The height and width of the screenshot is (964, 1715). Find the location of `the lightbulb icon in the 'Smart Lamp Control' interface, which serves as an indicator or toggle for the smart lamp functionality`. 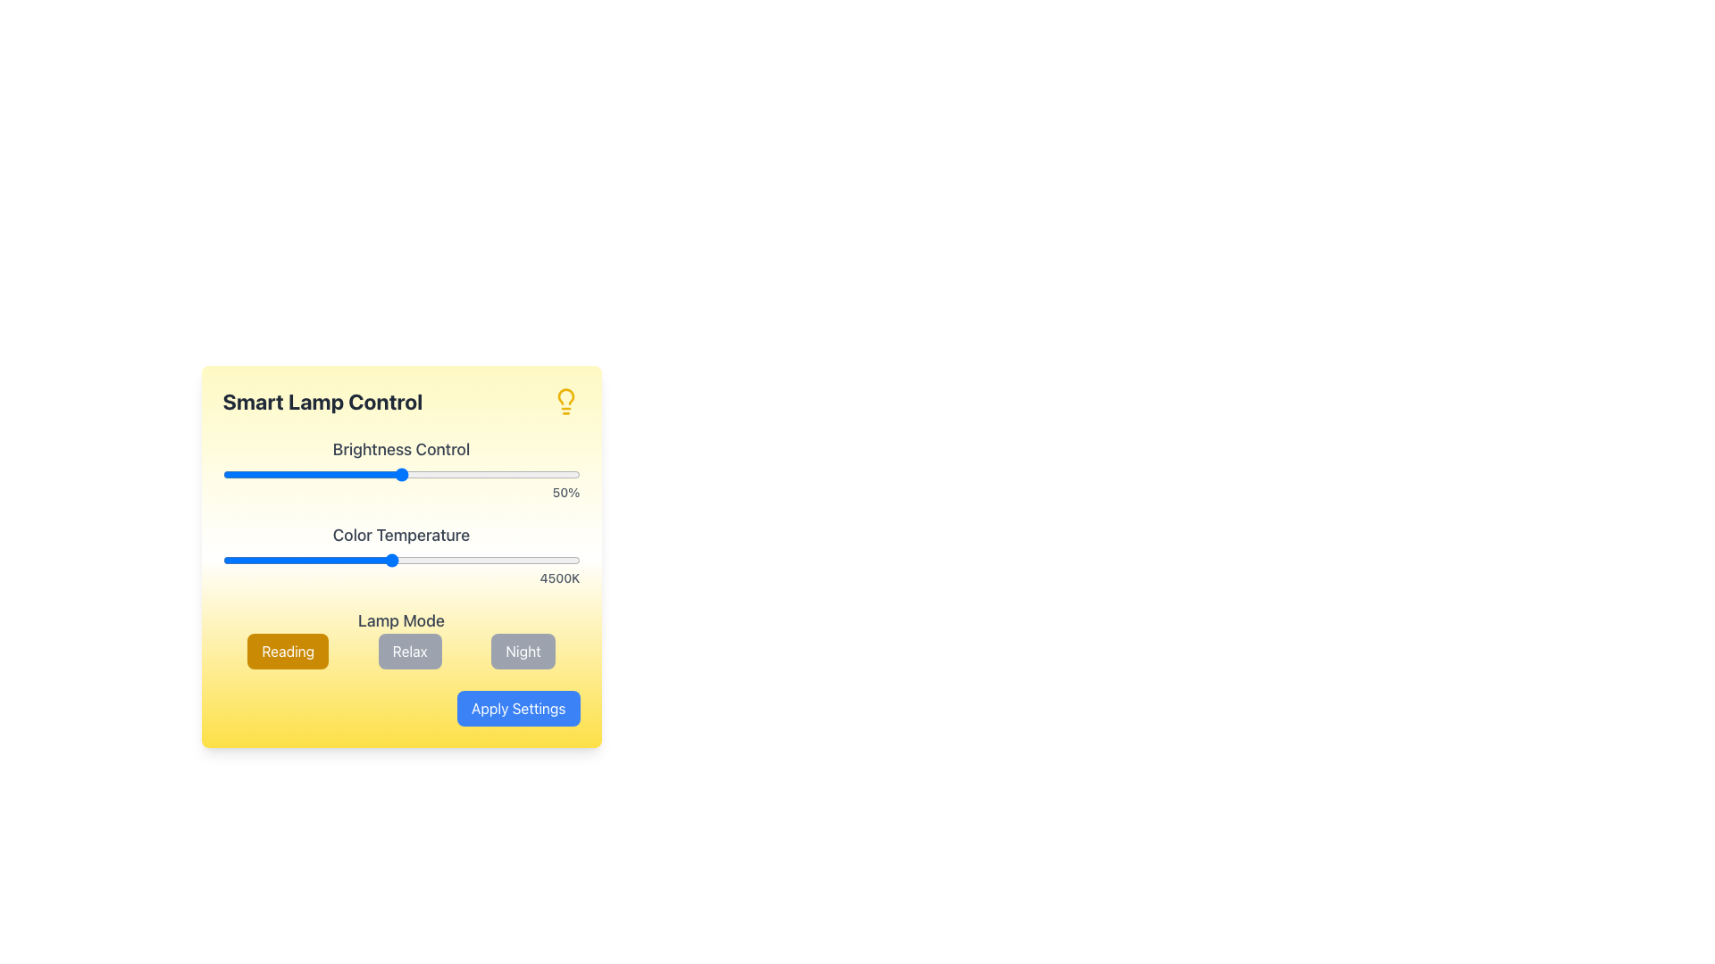

the lightbulb icon in the 'Smart Lamp Control' interface, which serves as an indicator or toggle for the smart lamp functionality is located at coordinates (565, 402).